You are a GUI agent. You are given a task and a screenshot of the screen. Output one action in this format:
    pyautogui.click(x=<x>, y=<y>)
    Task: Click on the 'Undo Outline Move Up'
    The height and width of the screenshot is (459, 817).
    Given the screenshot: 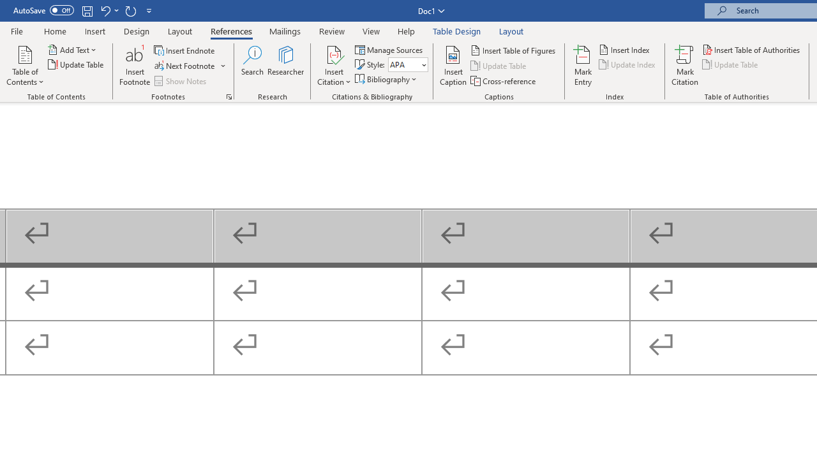 What is the action you would take?
    pyautogui.click(x=105, y=10)
    